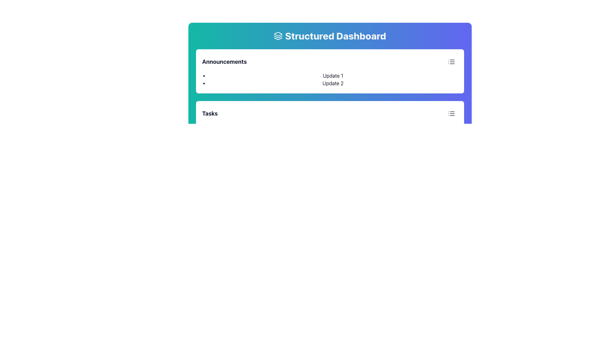 The height and width of the screenshot is (341, 607). Describe the element at coordinates (329, 79) in the screenshot. I see `the announcements list element which contains the bullet points 'Update 1' and 'Update 2'` at that location.